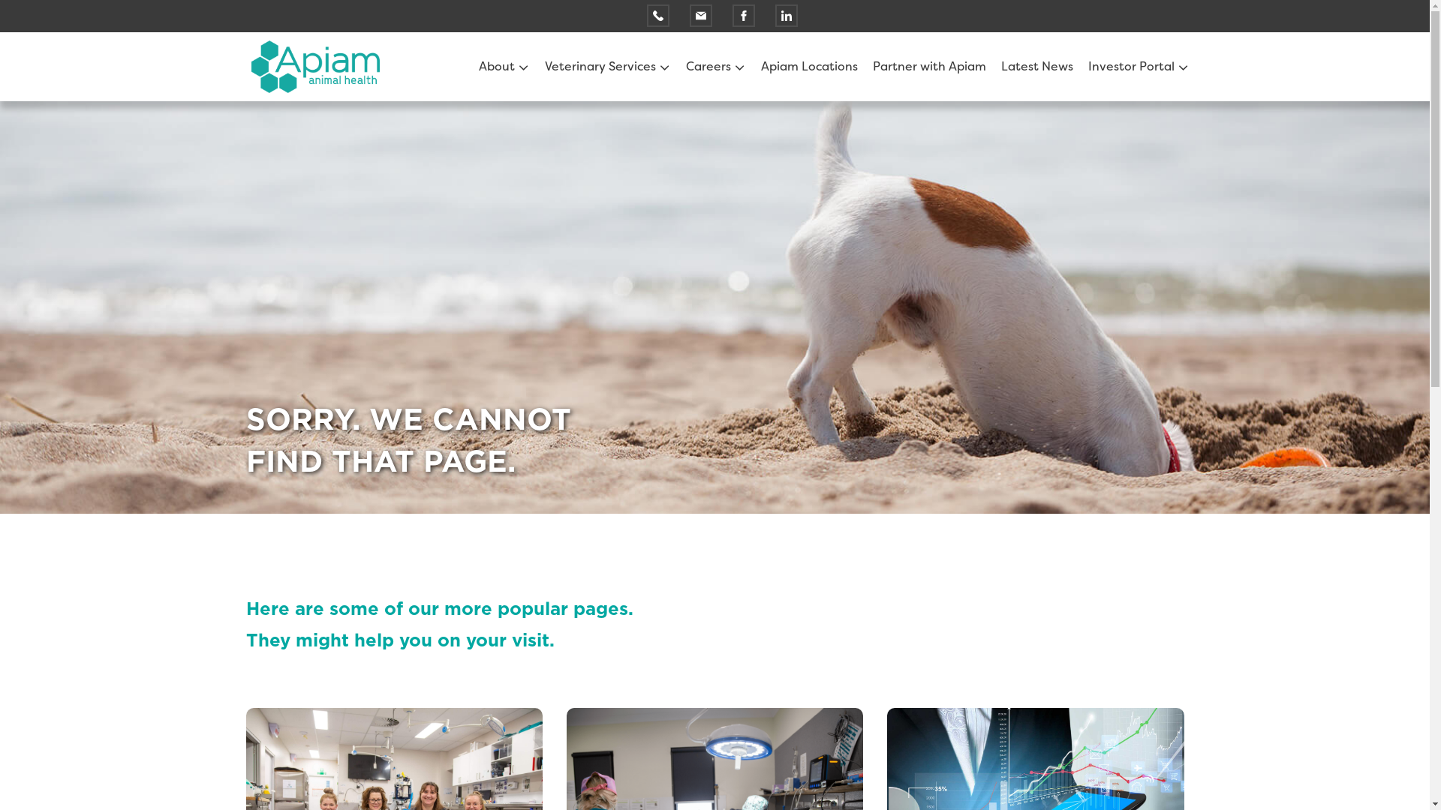 The width and height of the screenshot is (1441, 810). I want to click on 'Apiam Locations', so click(808, 65).